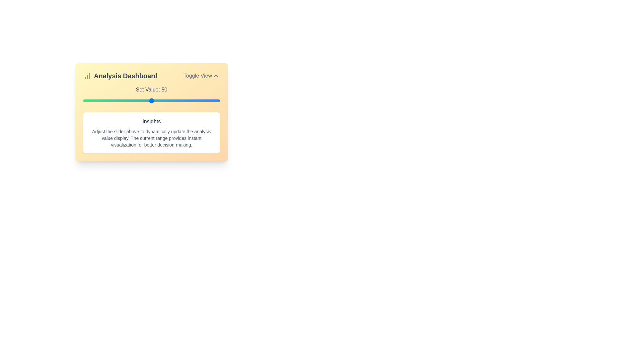 This screenshot has width=637, height=358. I want to click on the slider to set the value to 85, so click(199, 101).